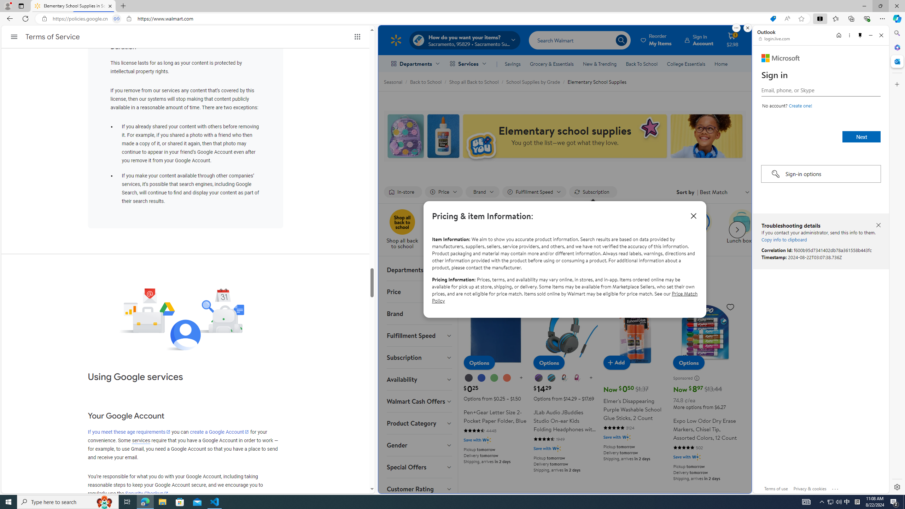  I want to click on 'Terms of use', so click(776, 488).